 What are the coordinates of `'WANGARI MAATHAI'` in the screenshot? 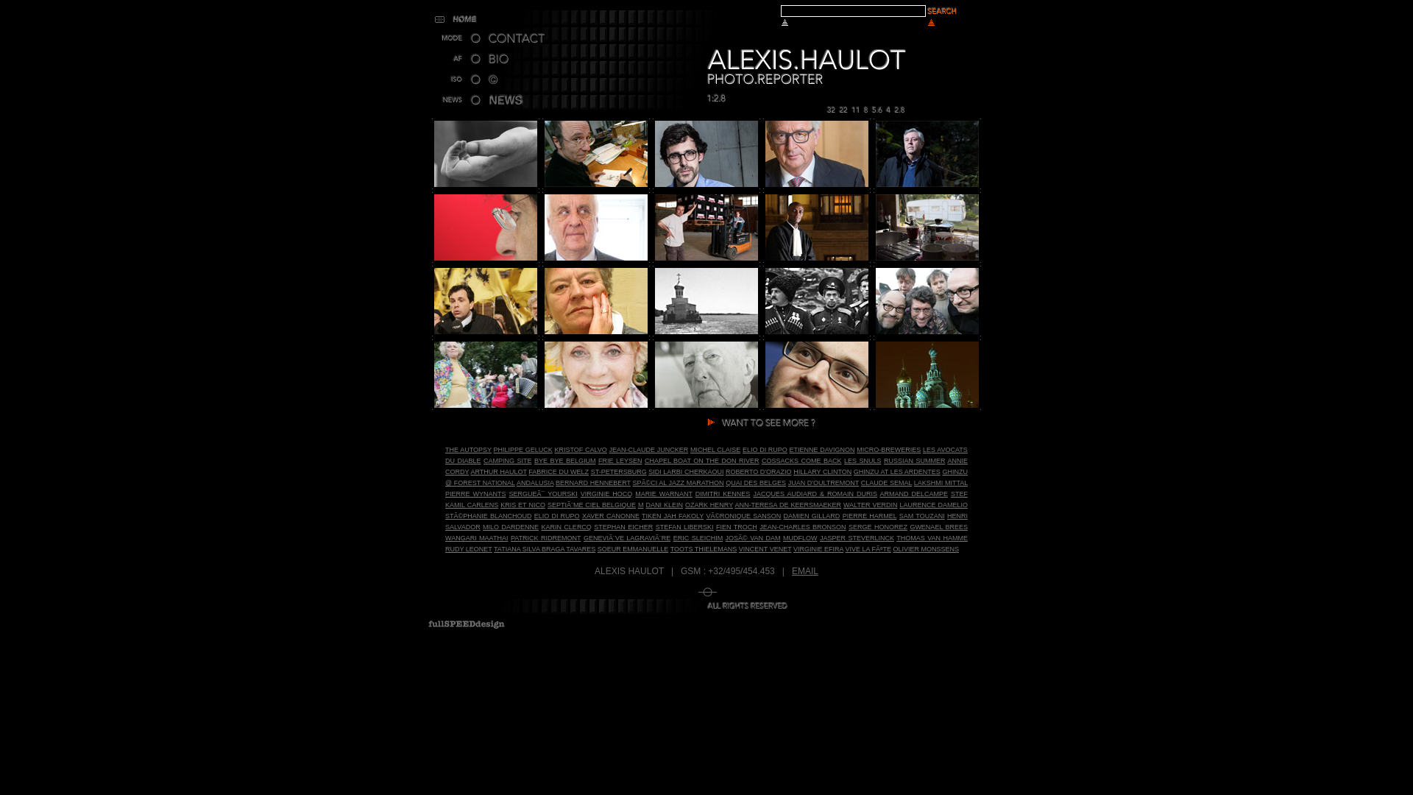 It's located at (476, 538).